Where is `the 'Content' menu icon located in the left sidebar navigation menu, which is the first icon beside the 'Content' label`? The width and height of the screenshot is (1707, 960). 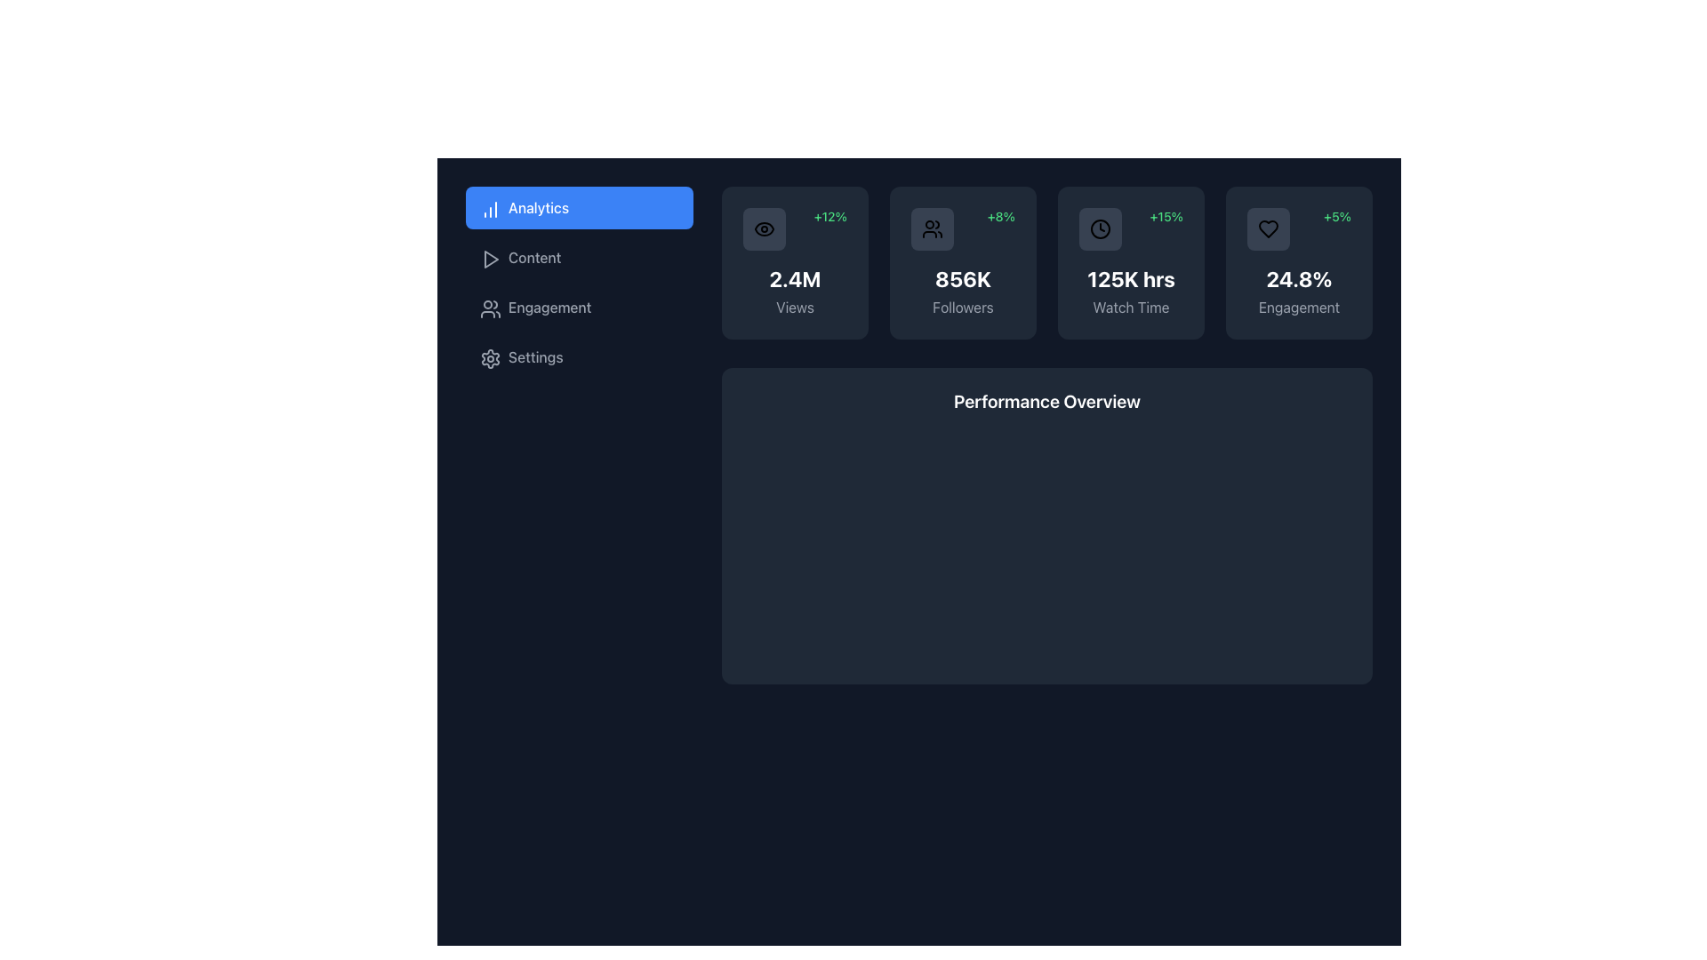 the 'Content' menu icon located in the left sidebar navigation menu, which is the first icon beside the 'Content' label is located at coordinates (489, 257).